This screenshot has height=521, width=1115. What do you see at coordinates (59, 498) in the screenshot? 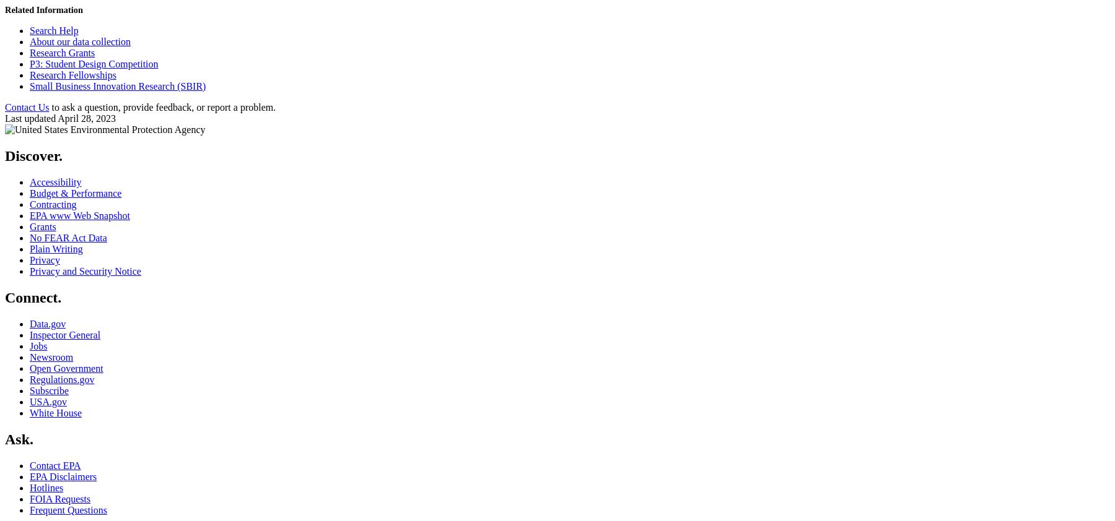
I see `'FOIA Requests'` at bounding box center [59, 498].